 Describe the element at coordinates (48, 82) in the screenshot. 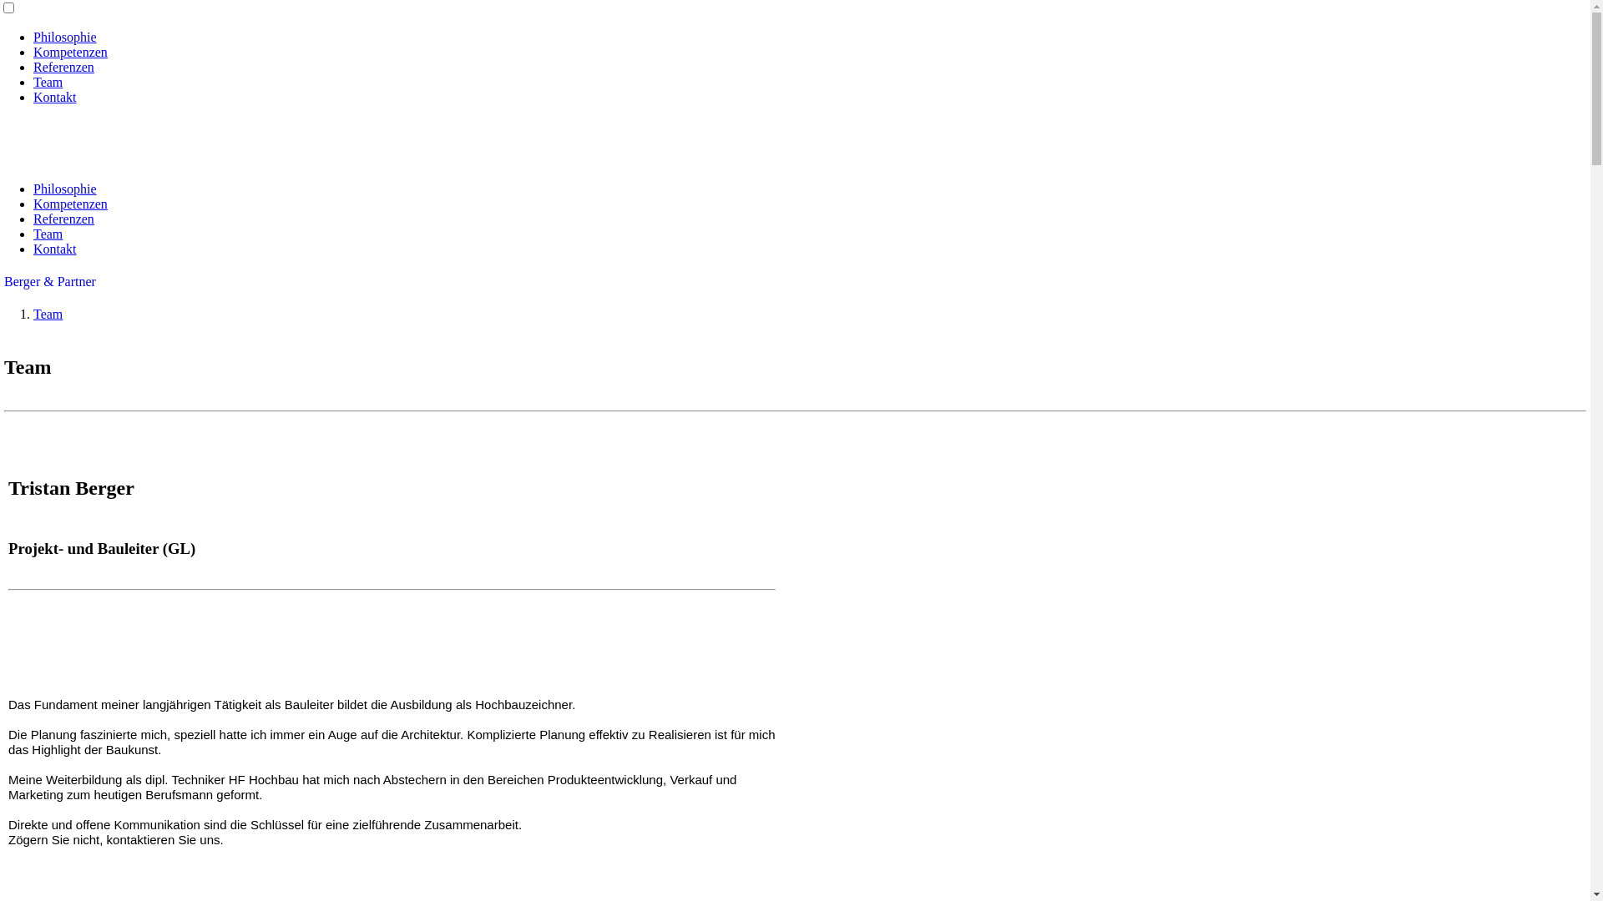

I see `'Team'` at that location.